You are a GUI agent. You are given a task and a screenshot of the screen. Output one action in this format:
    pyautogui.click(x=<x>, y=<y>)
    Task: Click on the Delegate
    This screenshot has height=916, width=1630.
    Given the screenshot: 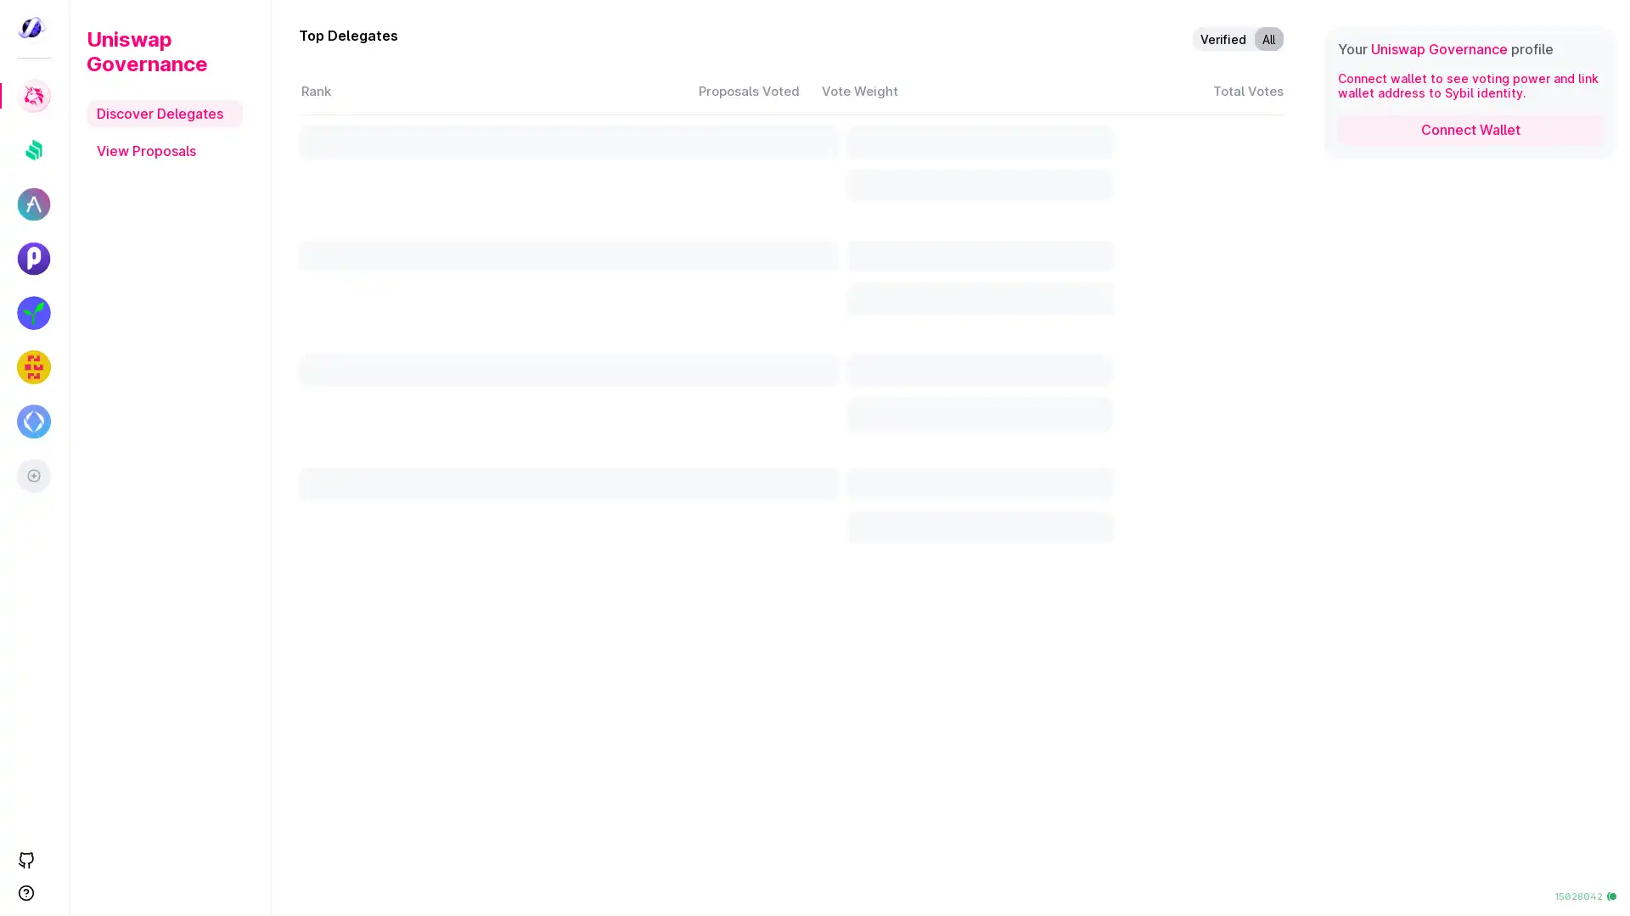 What is the action you would take?
    pyautogui.click(x=1126, y=493)
    